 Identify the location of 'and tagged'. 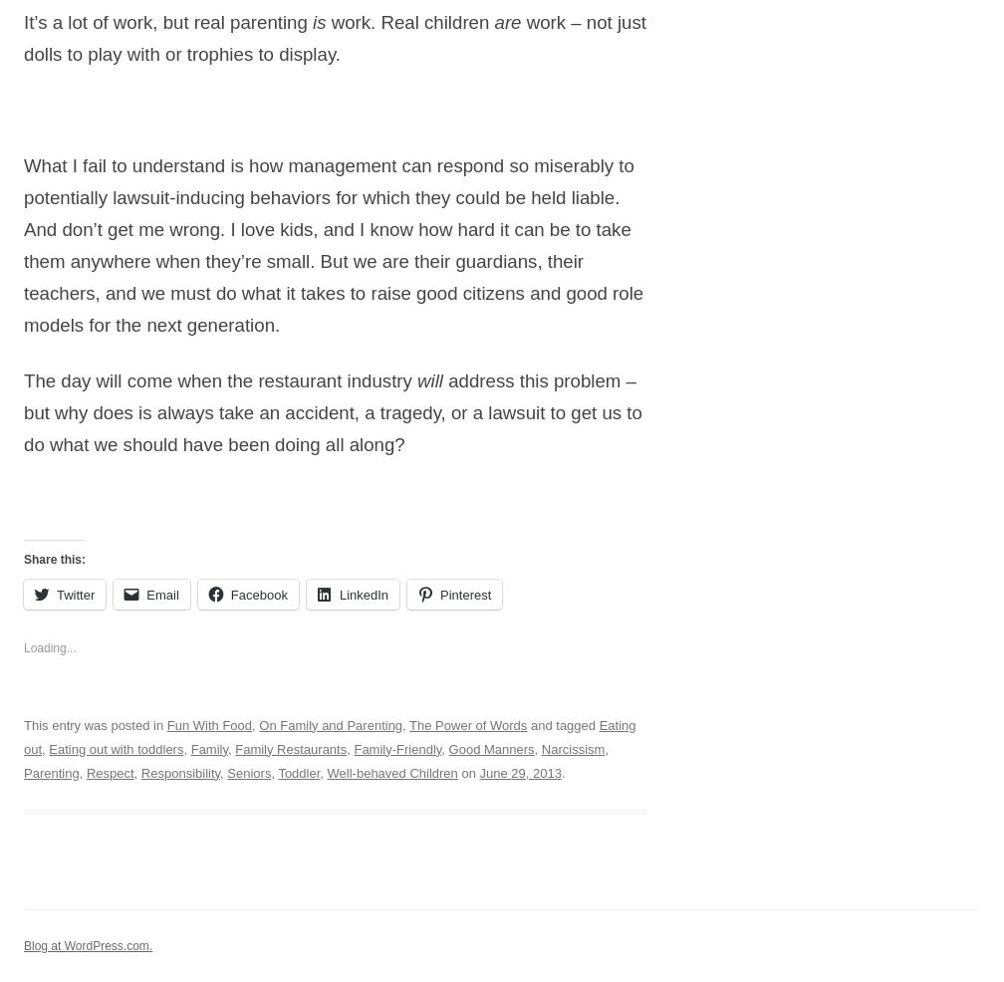
(562, 723).